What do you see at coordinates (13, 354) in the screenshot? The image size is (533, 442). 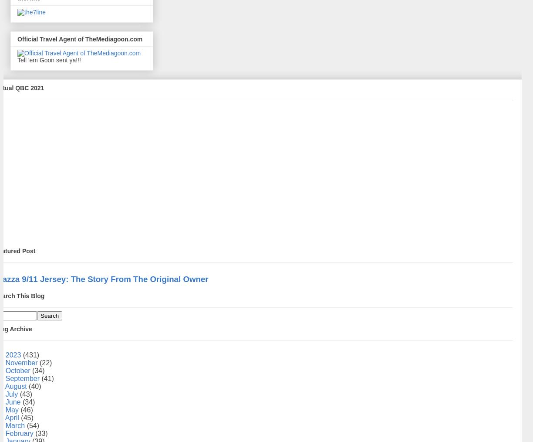 I see `'2023'` at bounding box center [13, 354].